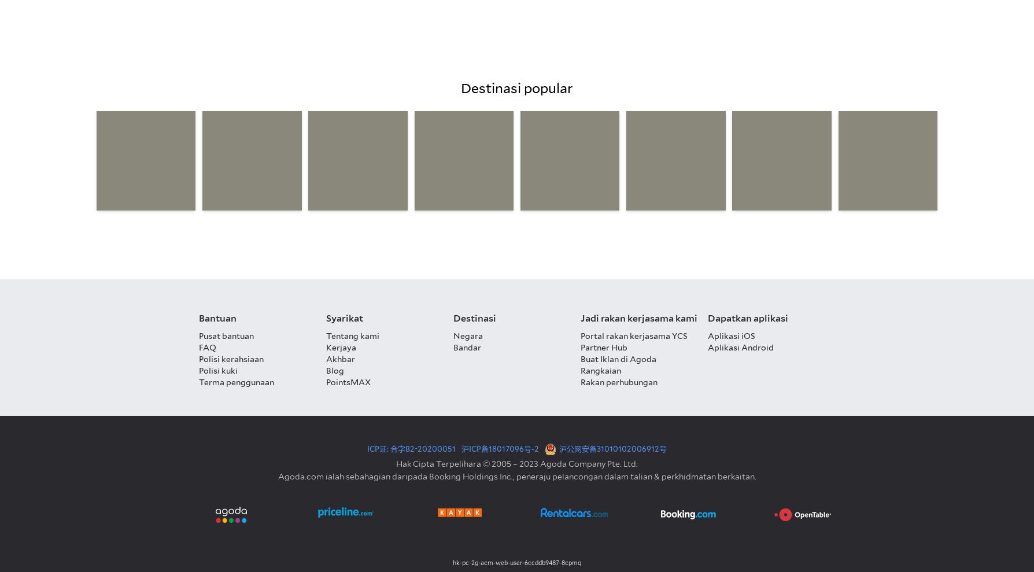 The width and height of the screenshot is (1034, 572). Describe the element at coordinates (618, 359) in the screenshot. I see `'Buat Iklan di Agoda'` at that location.